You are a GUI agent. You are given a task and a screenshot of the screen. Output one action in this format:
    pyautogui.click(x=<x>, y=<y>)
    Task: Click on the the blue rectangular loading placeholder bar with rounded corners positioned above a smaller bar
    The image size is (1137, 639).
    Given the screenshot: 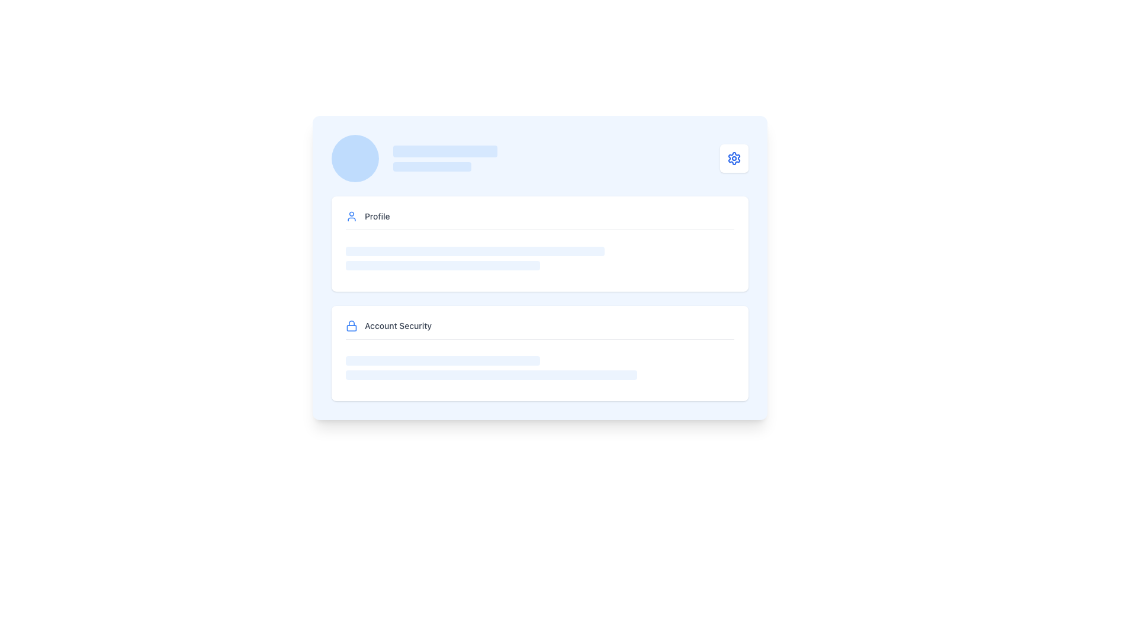 What is the action you would take?
    pyautogui.click(x=445, y=150)
    